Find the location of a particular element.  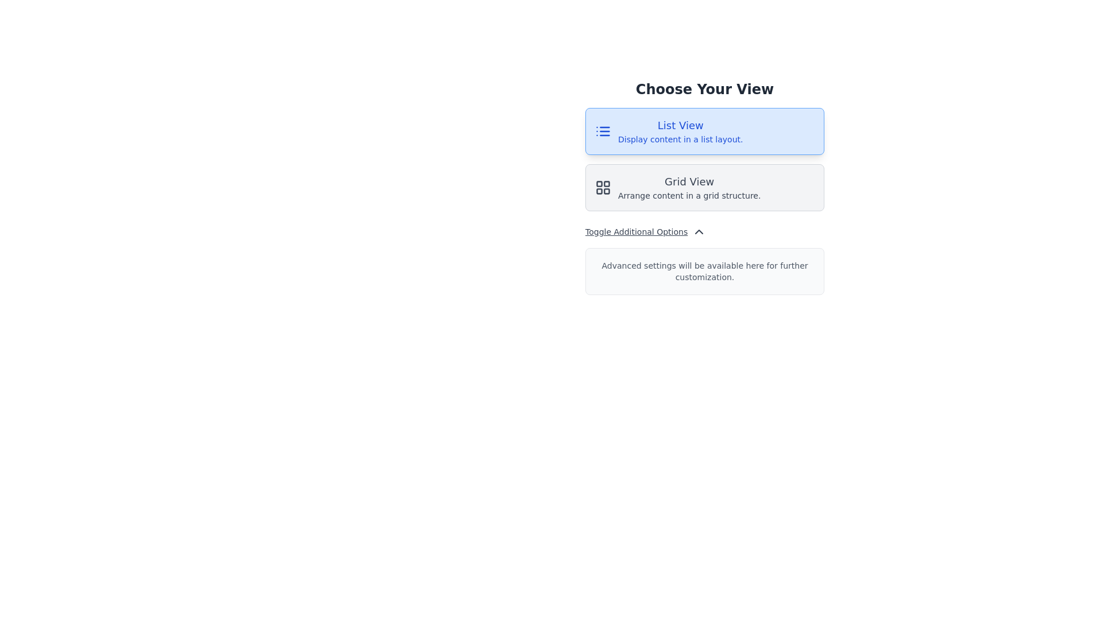

the textual header reading 'Choose Your View', which is styled with a bold, large serif font and centrally located at the top of the interface is located at coordinates (704, 88).